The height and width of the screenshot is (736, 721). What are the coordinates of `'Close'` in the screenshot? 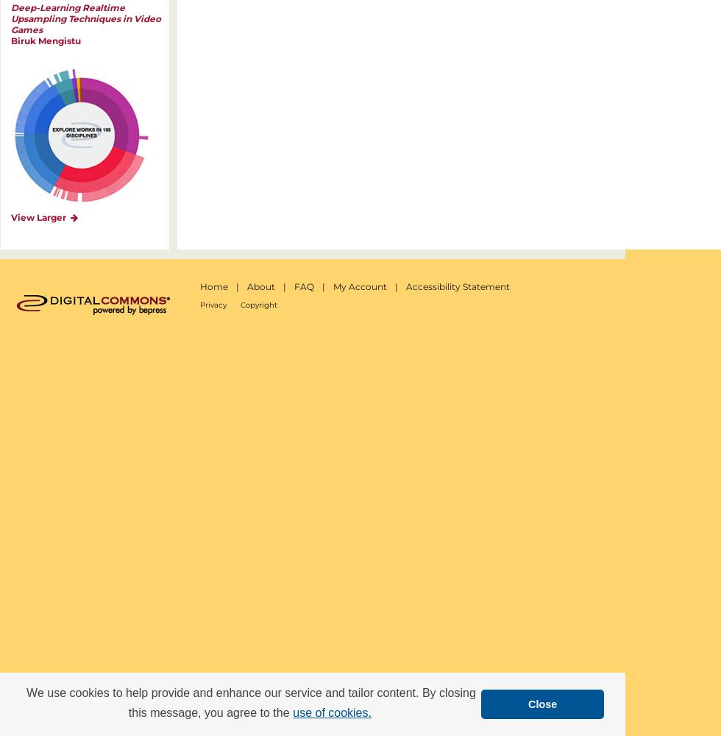 It's located at (542, 703).